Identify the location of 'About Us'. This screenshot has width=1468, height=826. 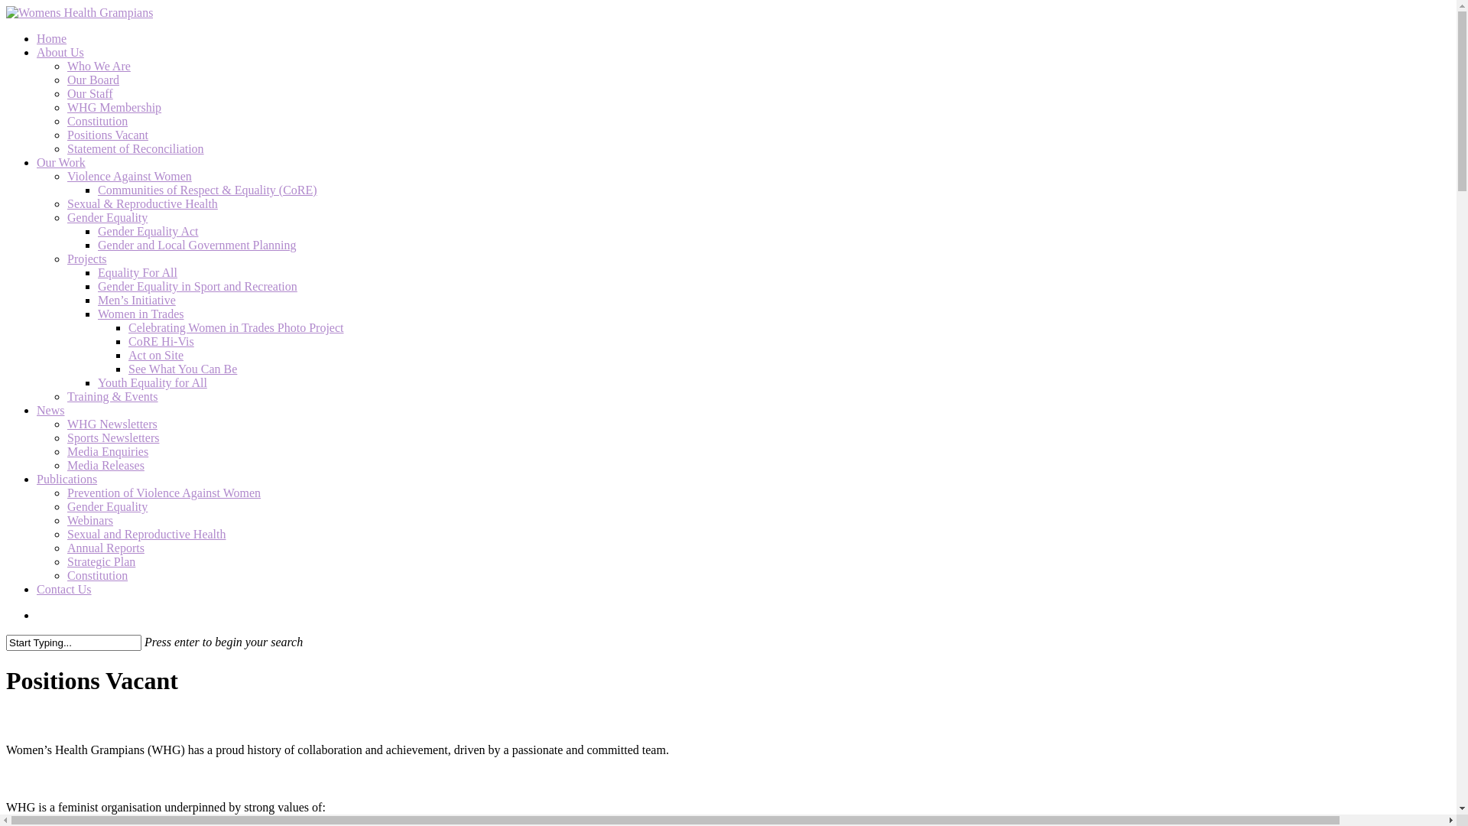
(60, 51).